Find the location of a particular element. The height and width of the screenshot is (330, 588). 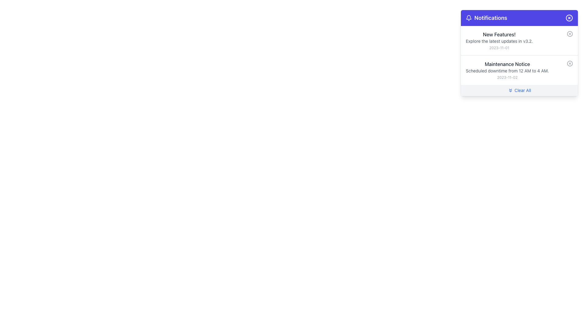

the text element providing context about updates in version 3.2, located in the notifications panel below 'New Features!' and above '2023-11-01' is located at coordinates (499, 41).